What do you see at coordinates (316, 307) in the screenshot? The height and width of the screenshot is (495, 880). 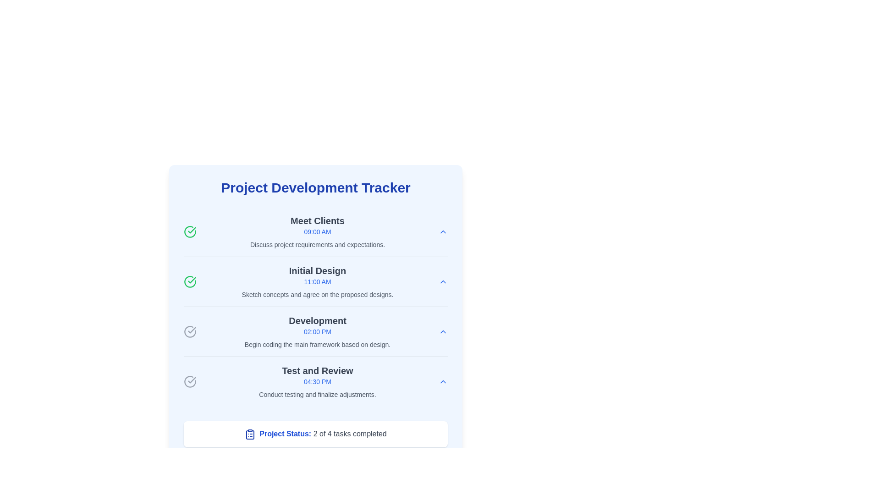 I see `the 'Development' entry in the 'Project Development Tracker' section, which is the third entry in the list of four vertical items` at bounding box center [316, 307].